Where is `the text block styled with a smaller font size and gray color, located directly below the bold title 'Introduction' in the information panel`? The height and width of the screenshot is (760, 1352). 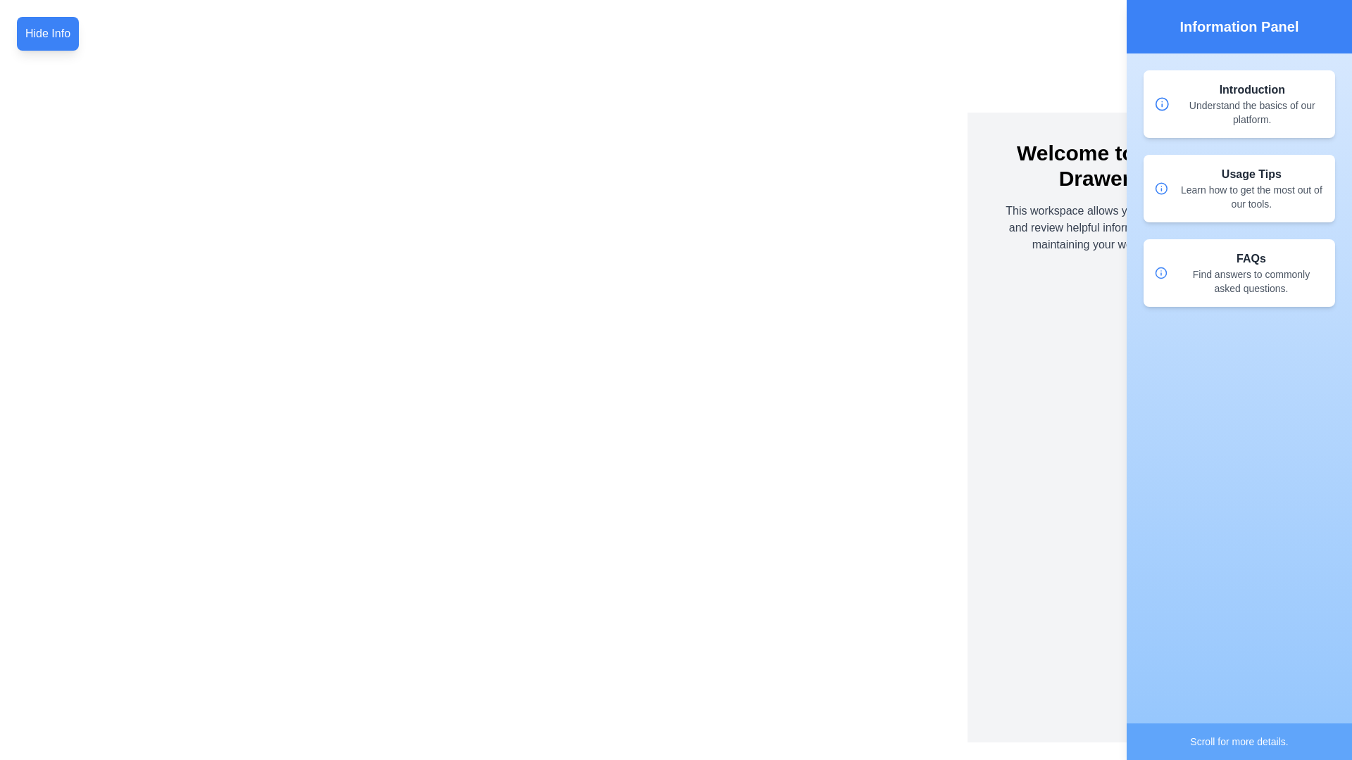
the text block styled with a smaller font size and gray color, located directly below the bold title 'Introduction' in the information panel is located at coordinates (1252, 111).